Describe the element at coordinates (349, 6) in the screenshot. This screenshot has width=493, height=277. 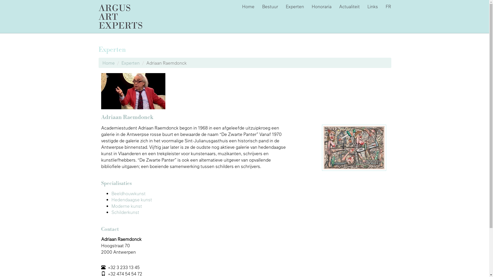
I see `'Actualiteit'` at that location.